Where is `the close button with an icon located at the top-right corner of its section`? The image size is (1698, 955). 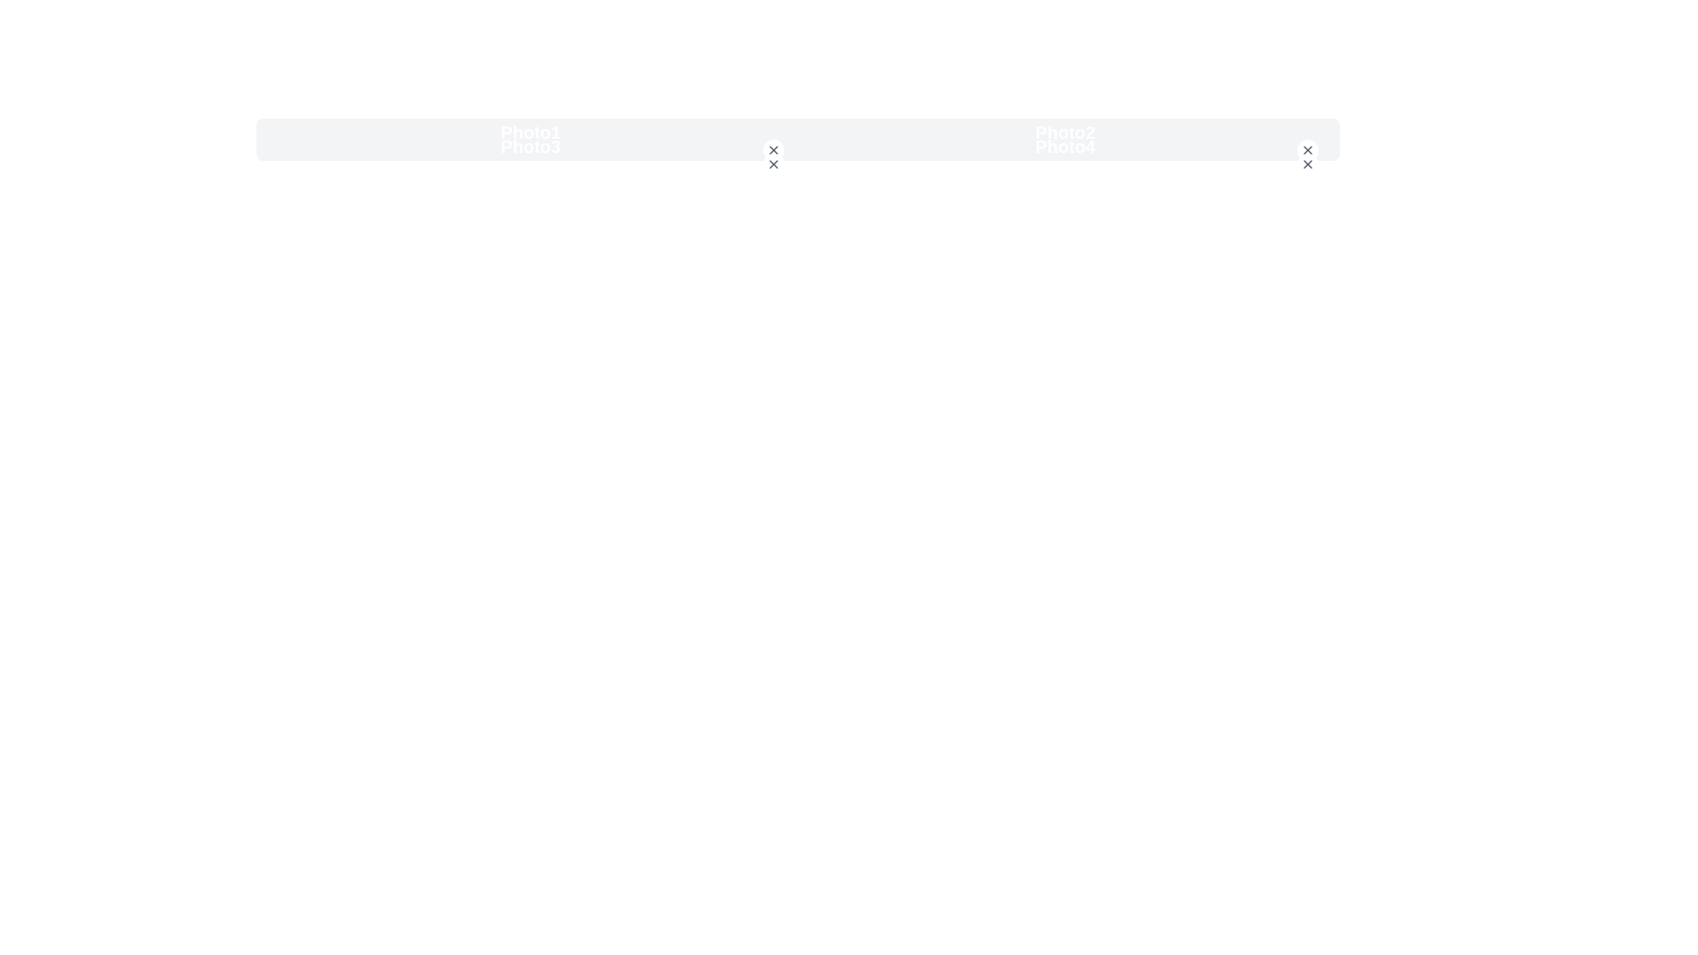
the close button with an icon located at the top-right corner of its section is located at coordinates (1307, 149).